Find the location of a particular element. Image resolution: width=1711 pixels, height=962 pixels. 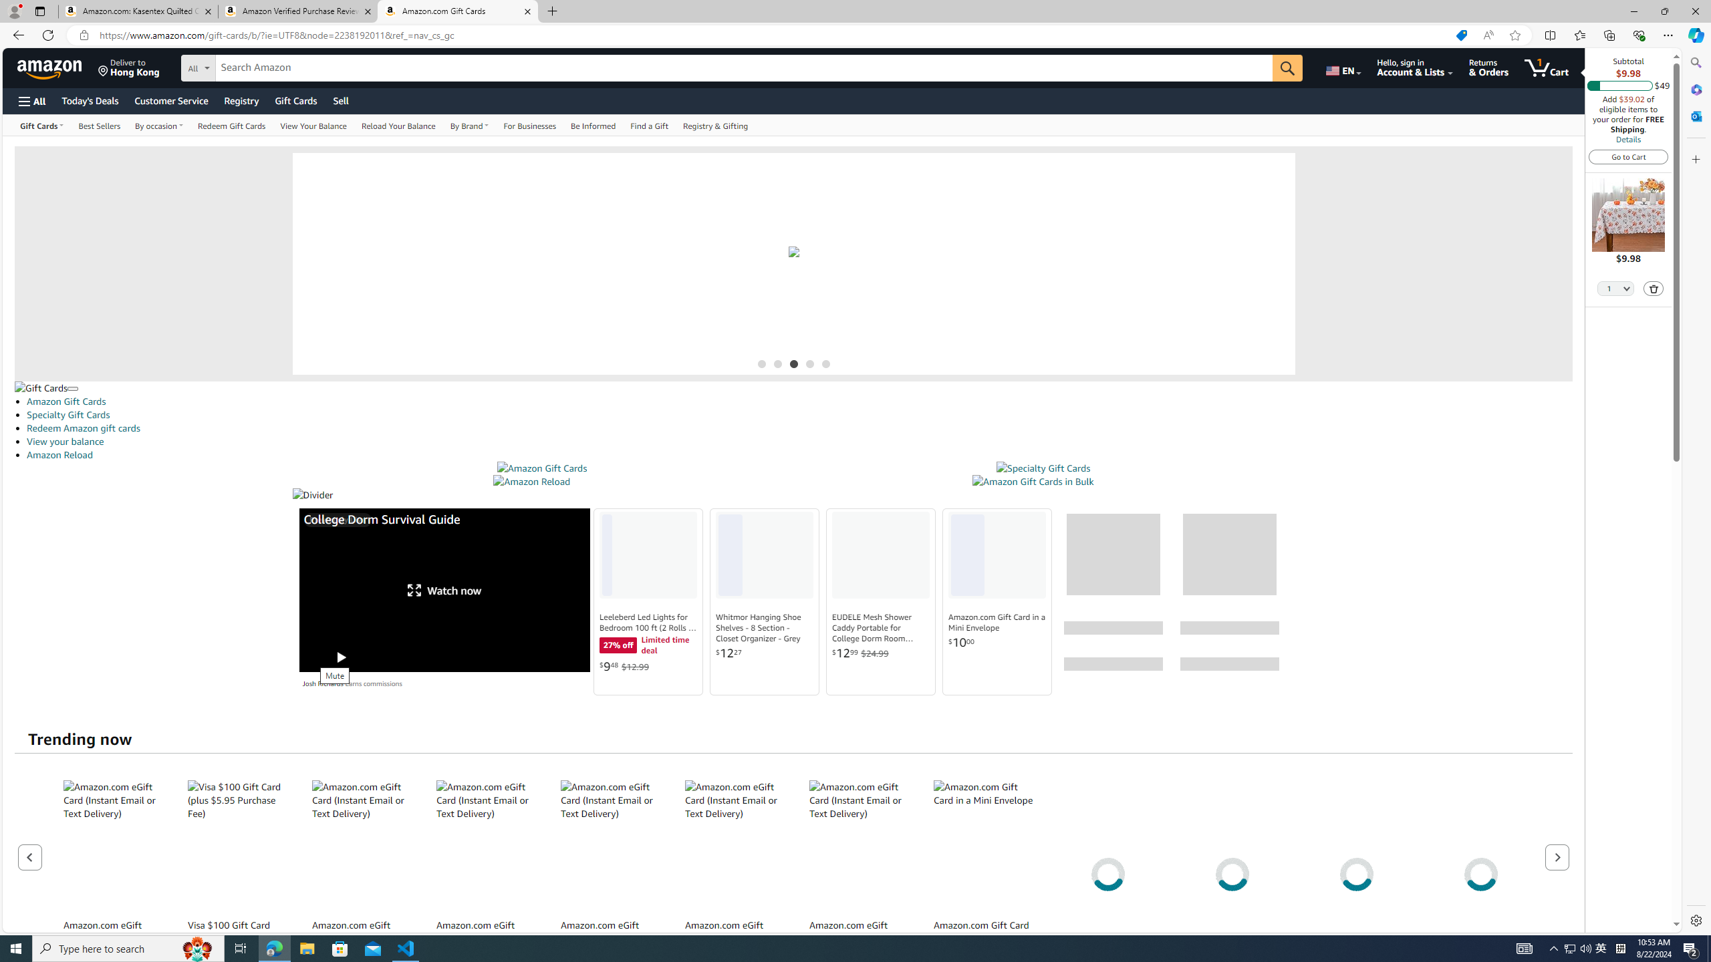

'Visa $100 Gift Card (plus $5.95 Purchase Fee)' is located at coordinates (237, 845).